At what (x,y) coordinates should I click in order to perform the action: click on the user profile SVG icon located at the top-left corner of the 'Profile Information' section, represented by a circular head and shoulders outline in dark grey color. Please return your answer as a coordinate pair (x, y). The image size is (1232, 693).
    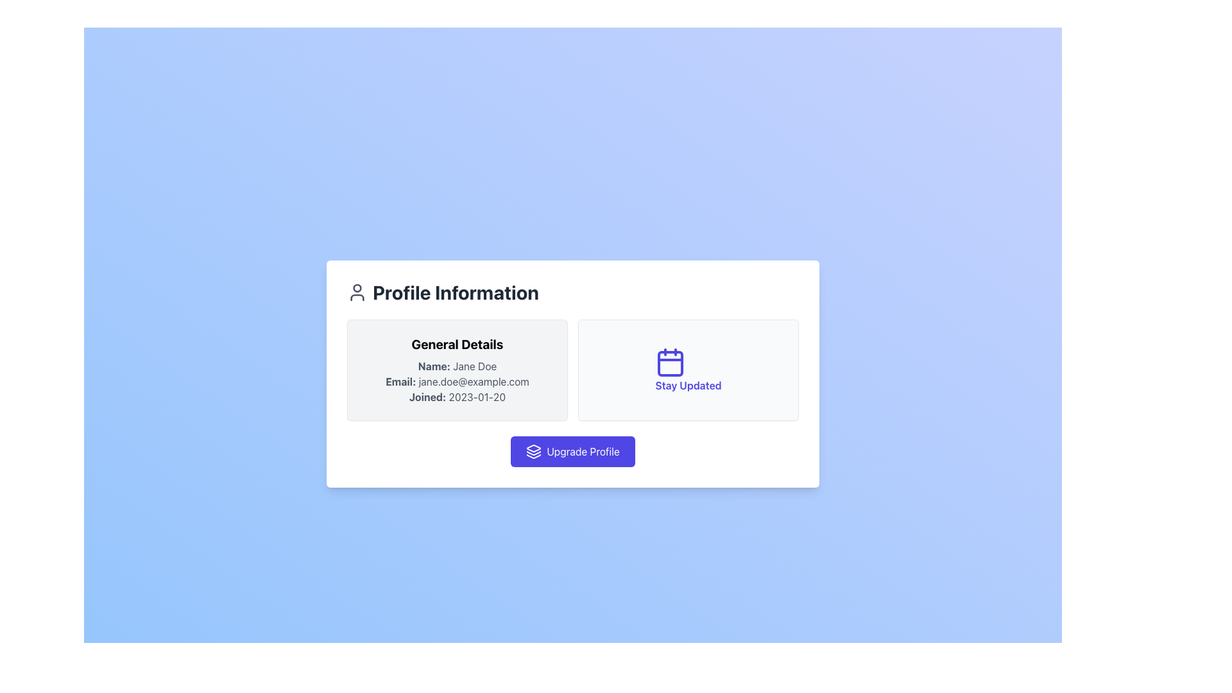
    Looking at the image, I should click on (357, 292).